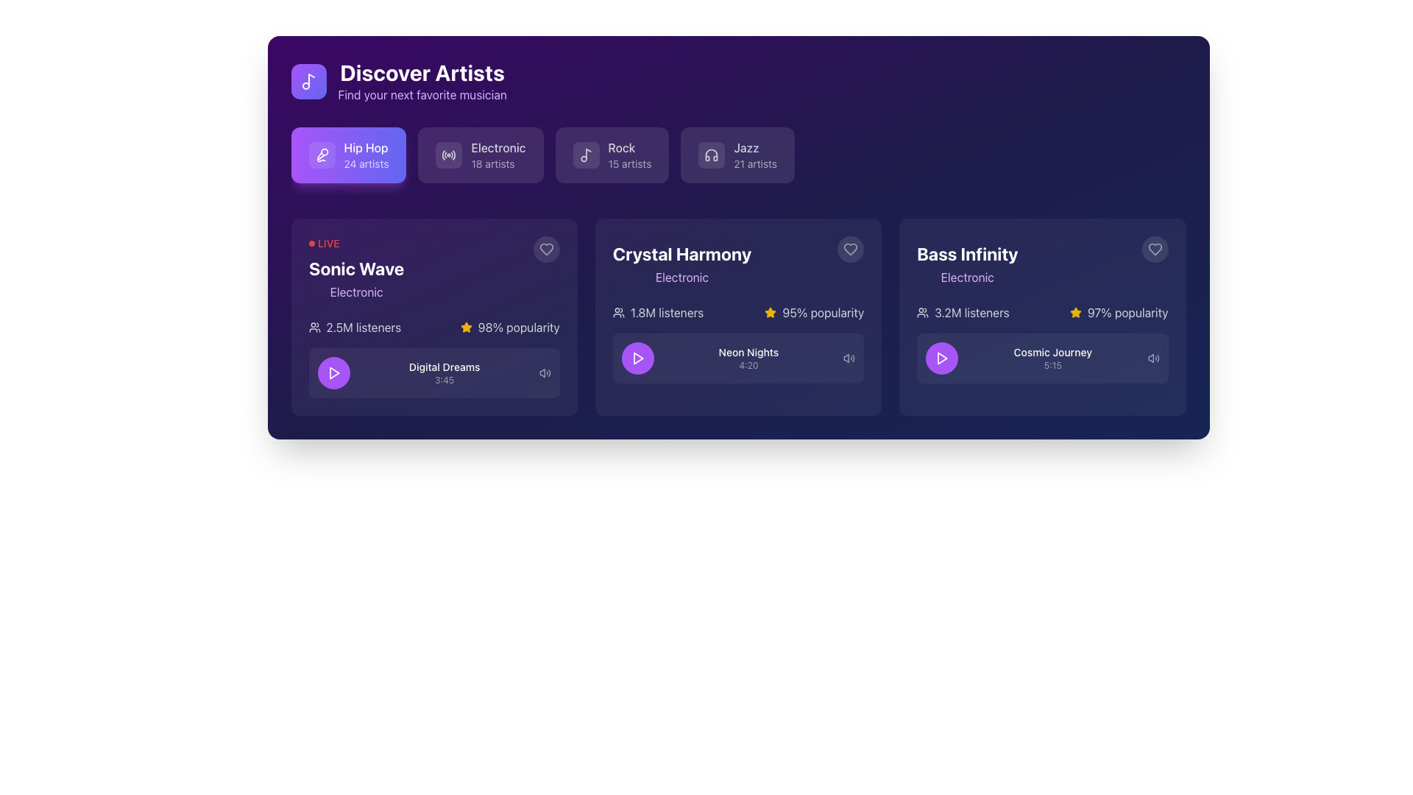  I want to click on the speaker icon with sound waves, styled in gray, located in the bottom right corner of the 'Bass Infinity' card, to the right of the 'Play' button and the time text '5:15', so click(1152, 358).